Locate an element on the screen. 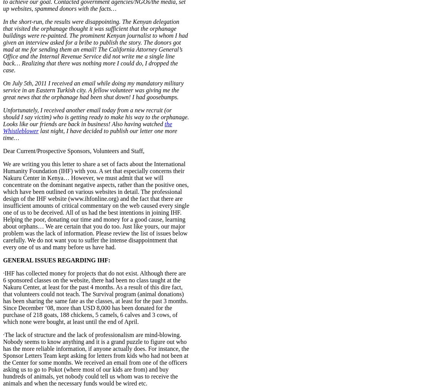  'Unfortunately, I received another email today from a new recruit (or should I say victim) who is getting ready to make his way to the orphanage. Looks like our friends are back in business! Also having watched' is located at coordinates (96, 116).